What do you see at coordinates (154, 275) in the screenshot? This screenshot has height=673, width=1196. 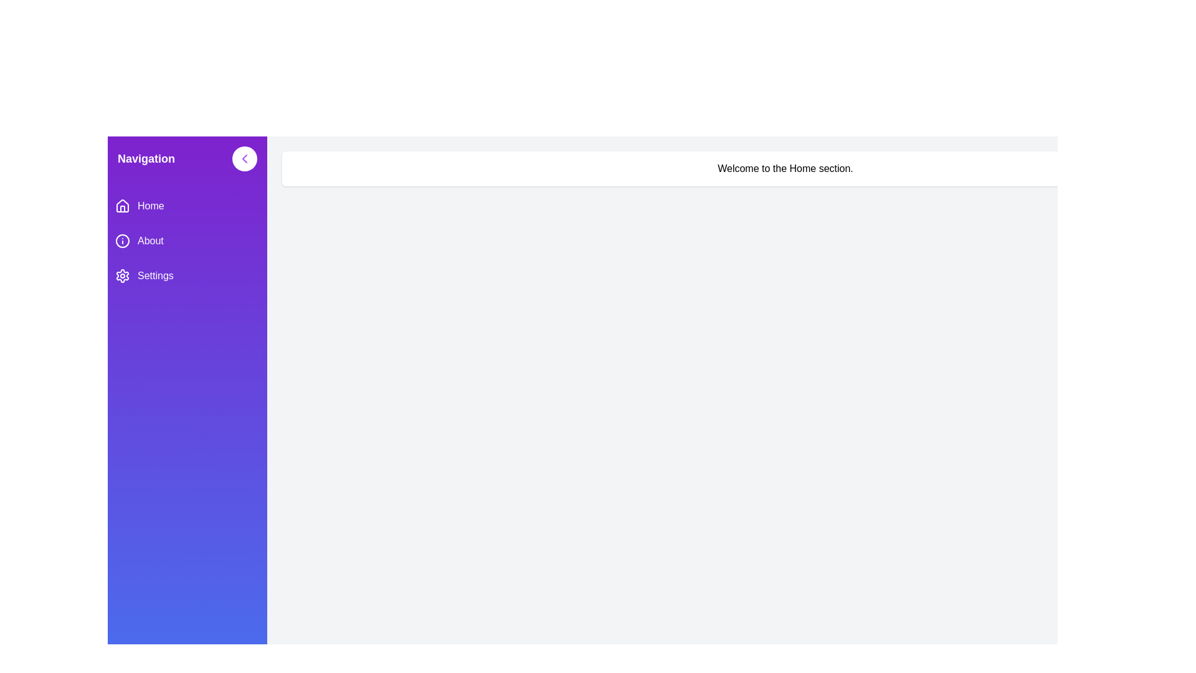 I see `the 'Settings' text label in the navigation panel, which is the third item below 'Home' and 'About'` at bounding box center [154, 275].